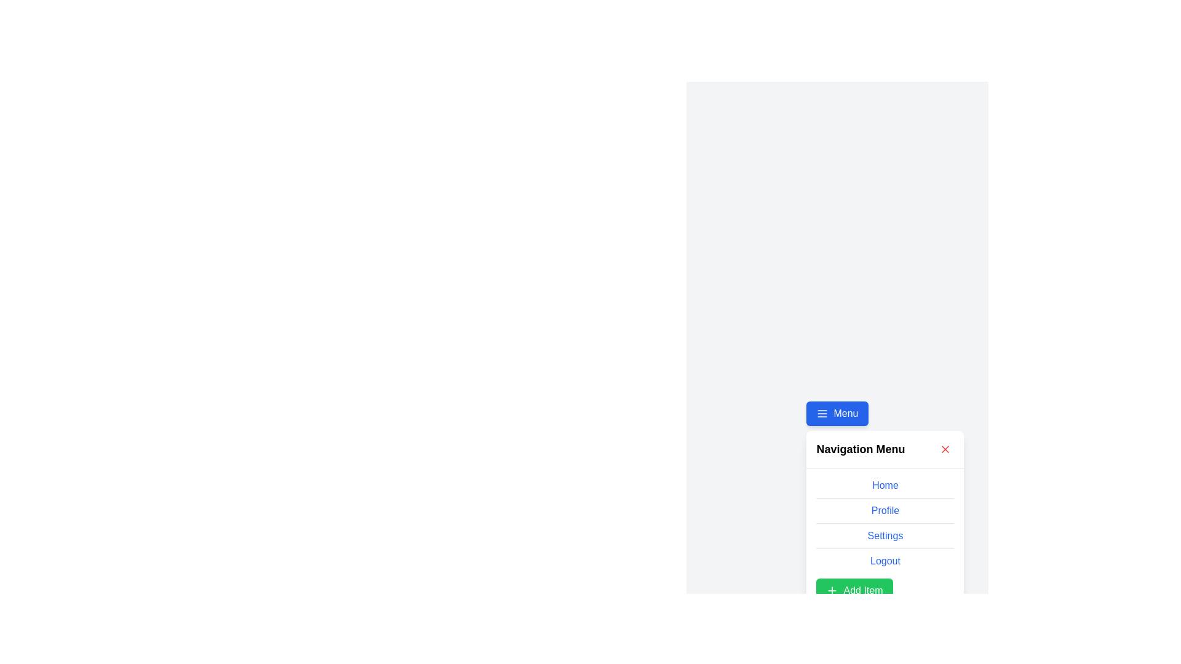  Describe the element at coordinates (885, 510) in the screenshot. I see `the 'Profile' link, which is styled in blue with an underline on hover, located in the dropdown menu labeled 'Navigation Menu' beneath 'Home' and above 'Settings'` at that location.